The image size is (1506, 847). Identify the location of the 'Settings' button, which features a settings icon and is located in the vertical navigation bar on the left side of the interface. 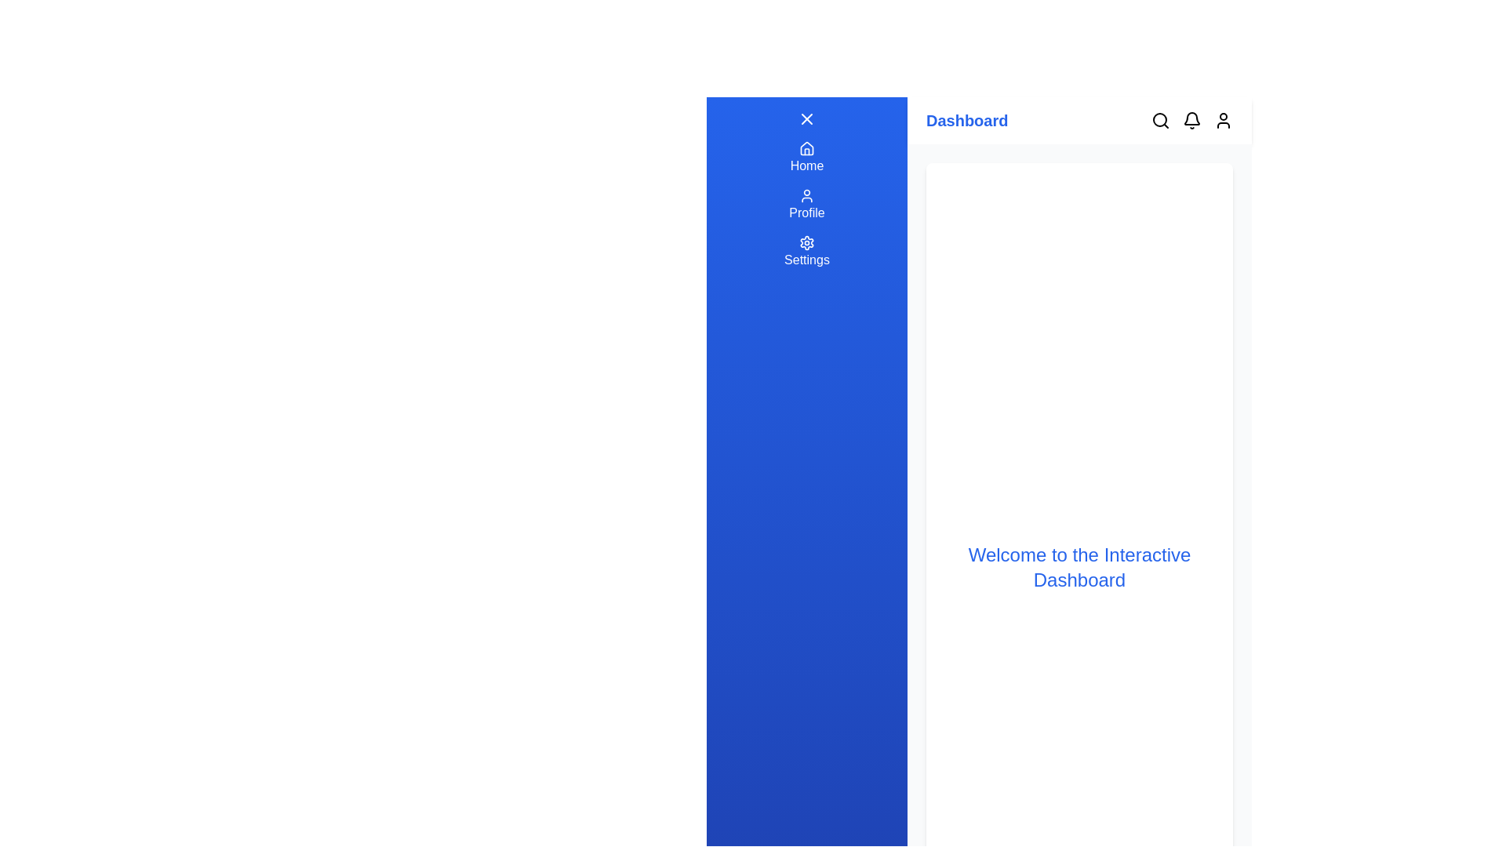
(806, 251).